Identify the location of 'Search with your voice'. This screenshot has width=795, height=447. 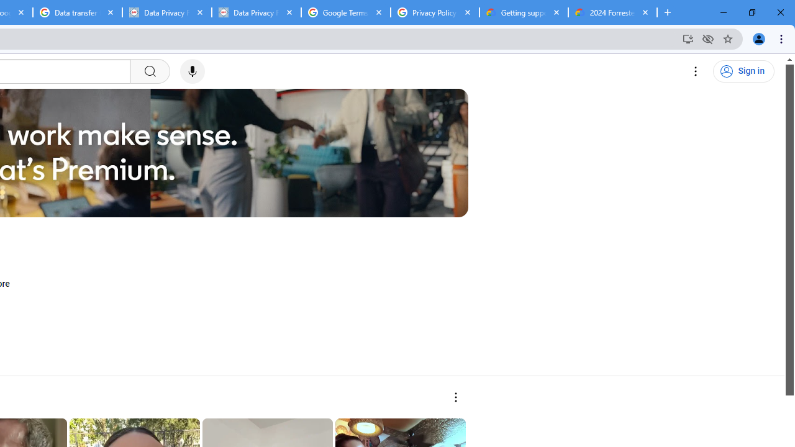
(191, 71).